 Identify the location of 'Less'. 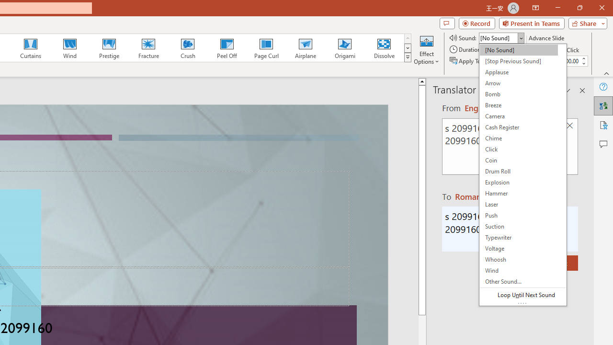
(583, 63).